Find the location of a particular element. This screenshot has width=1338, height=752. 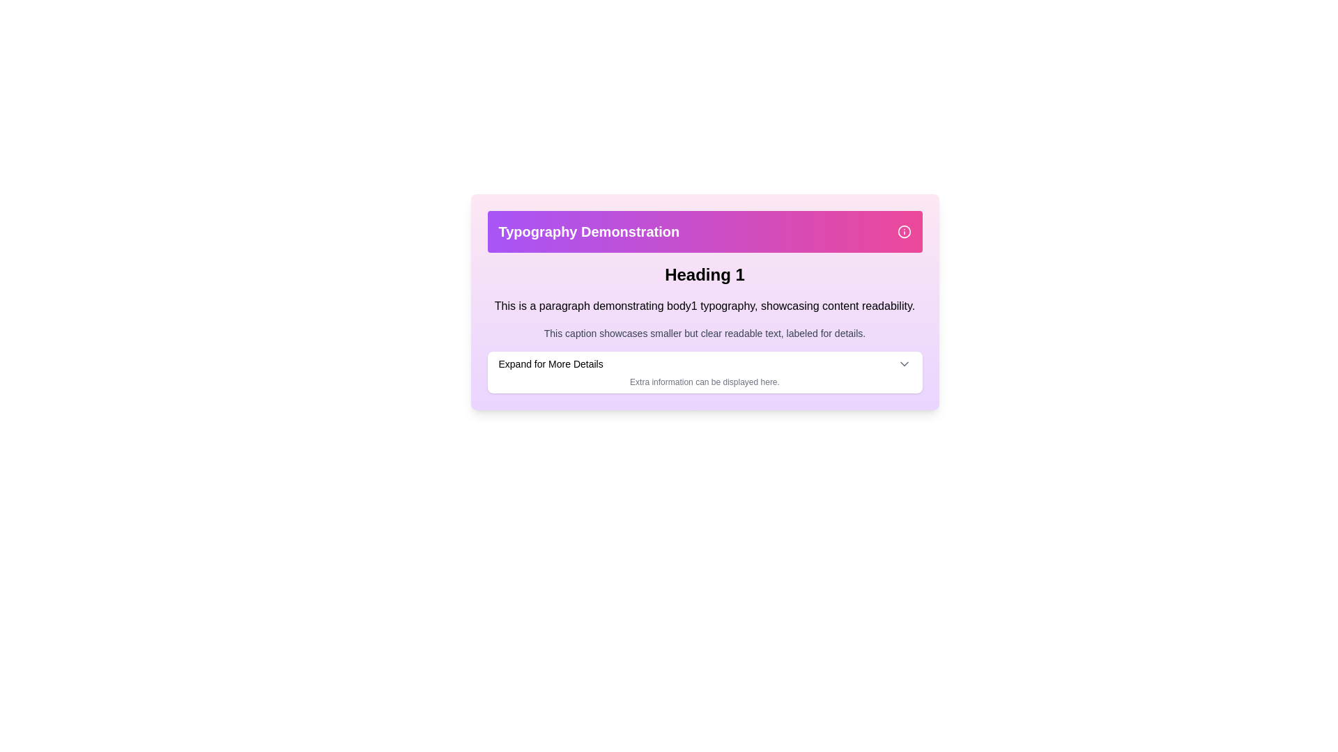

the circular shape representing the outer boundary of the information icon located in the top-right corner of the purple header bar is located at coordinates (904, 230).